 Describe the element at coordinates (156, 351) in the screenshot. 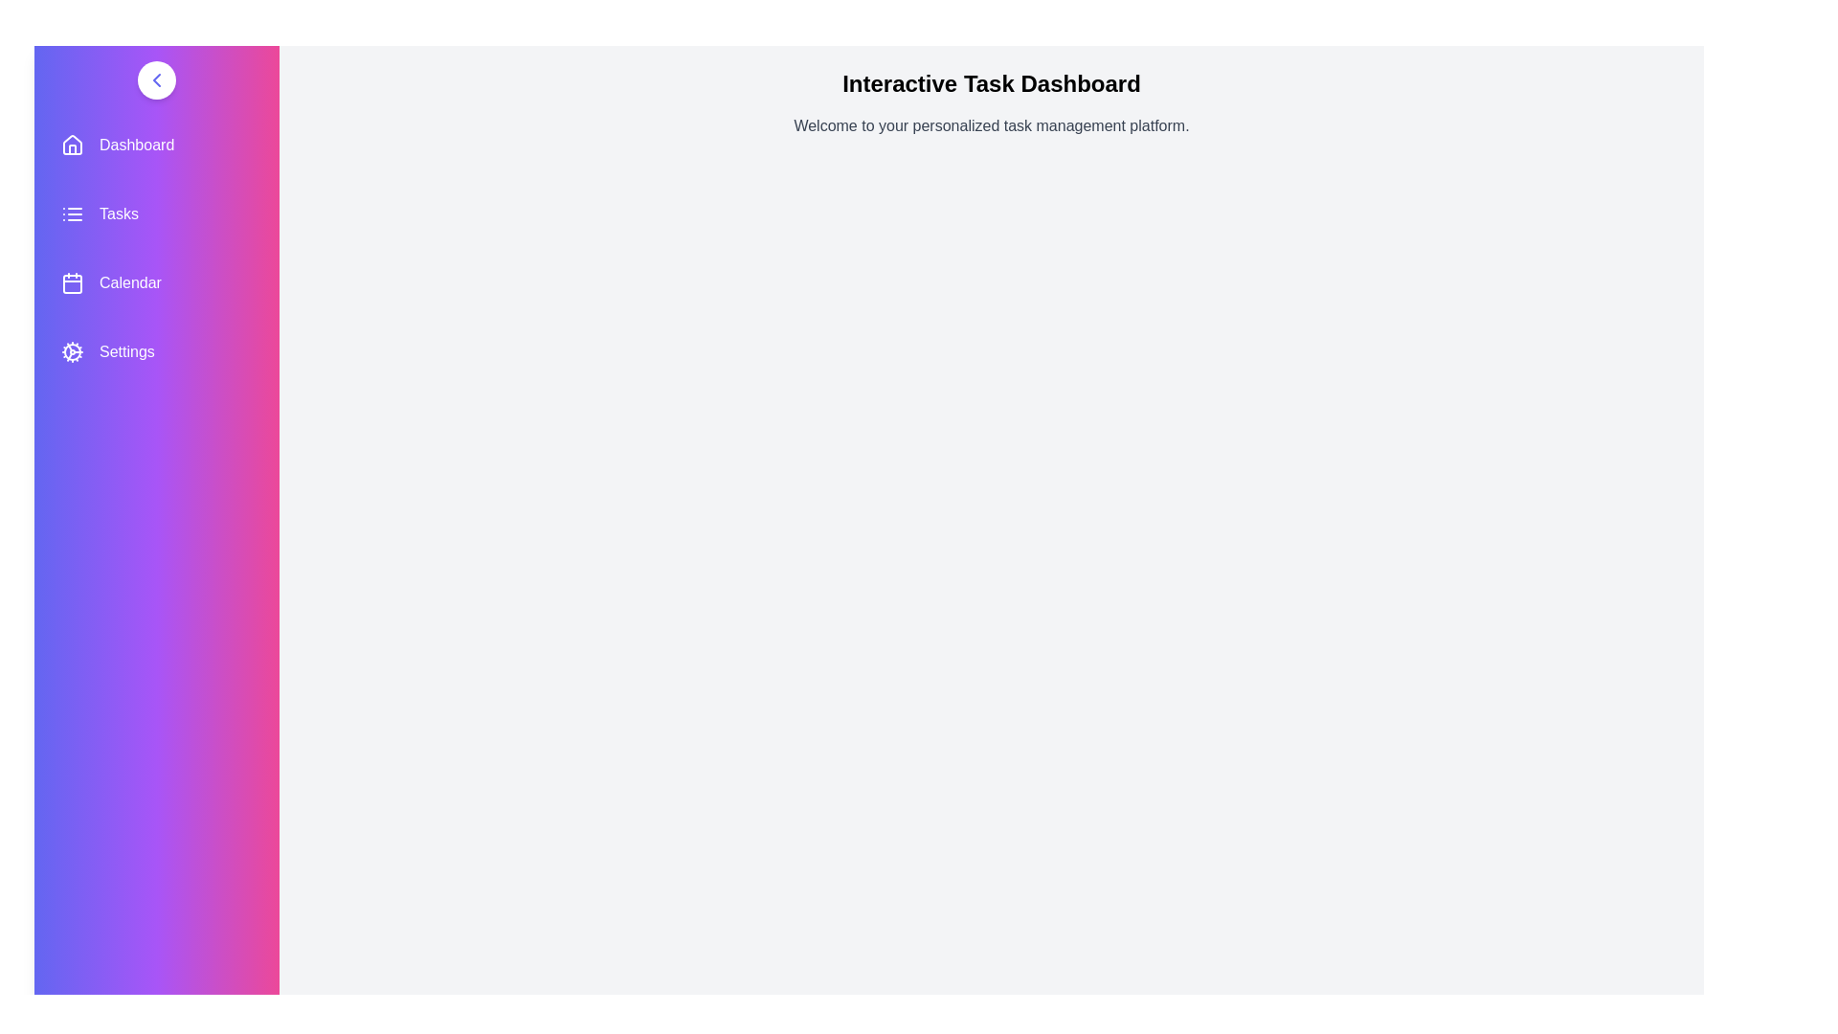

I see `the menu item labeled Settings to observe its hover effect` at that location.